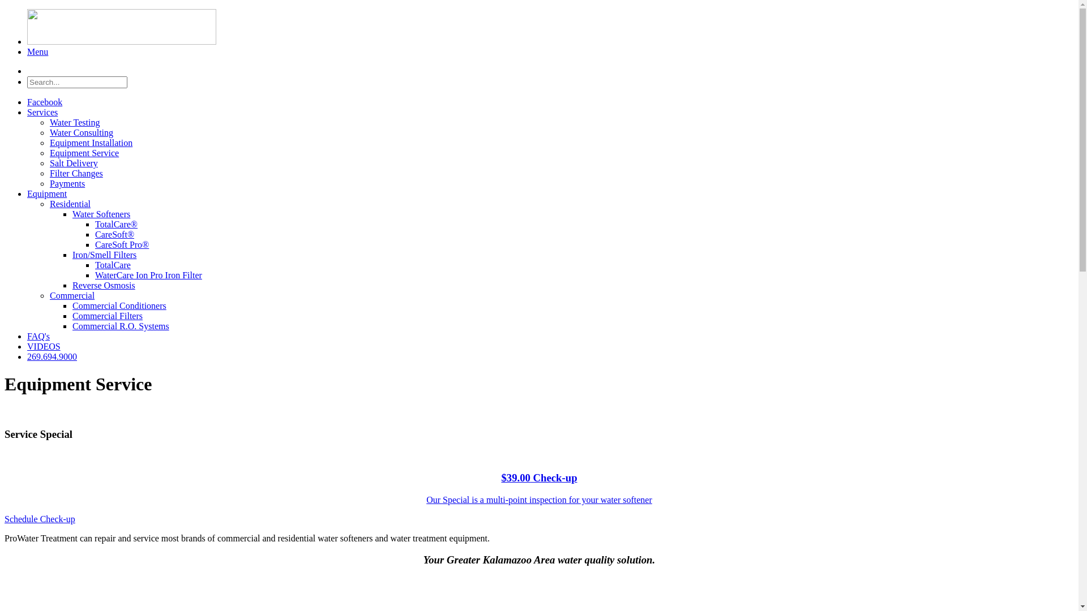 The width and height of the screenshot is (1087, 611). I want to click on 'Services', so click(42, 112).